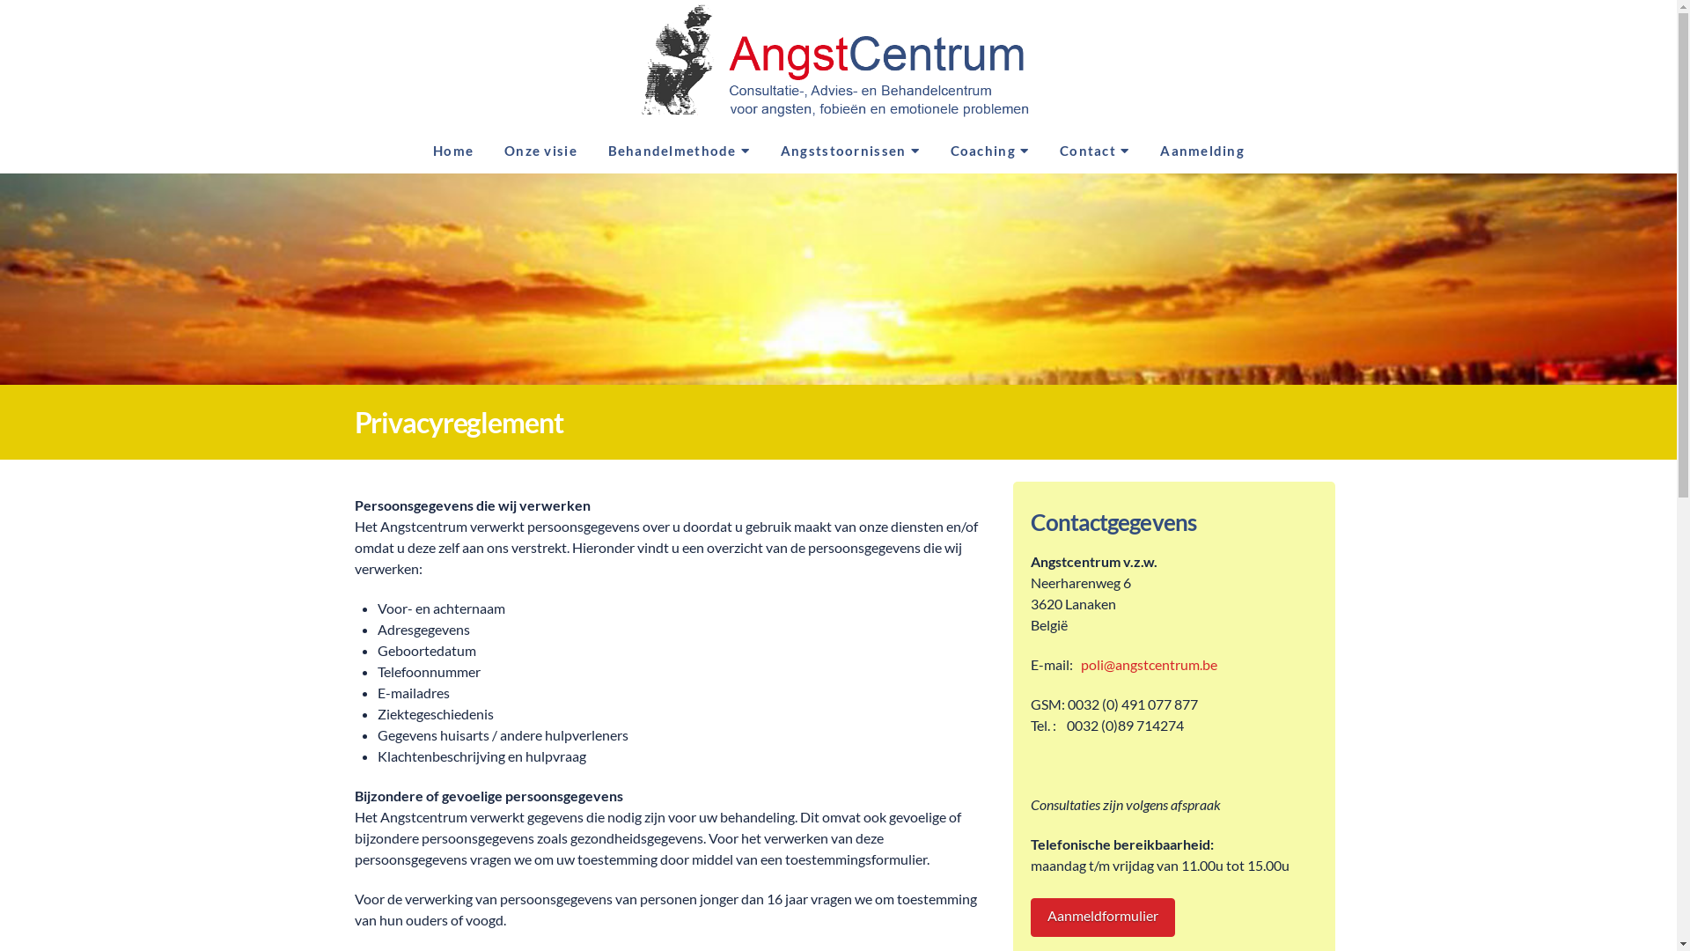  What do you see at coordinates (1101, 917) in the screenshot?
I see `'Aanmeldformulier'` at bounding box center [1101, 917].